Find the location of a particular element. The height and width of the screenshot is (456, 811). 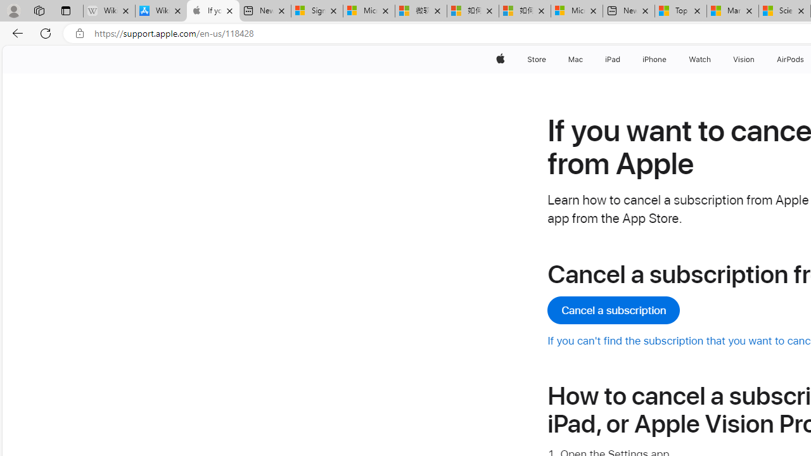

'Tab actions menu' is located at coordinates (65, 10).